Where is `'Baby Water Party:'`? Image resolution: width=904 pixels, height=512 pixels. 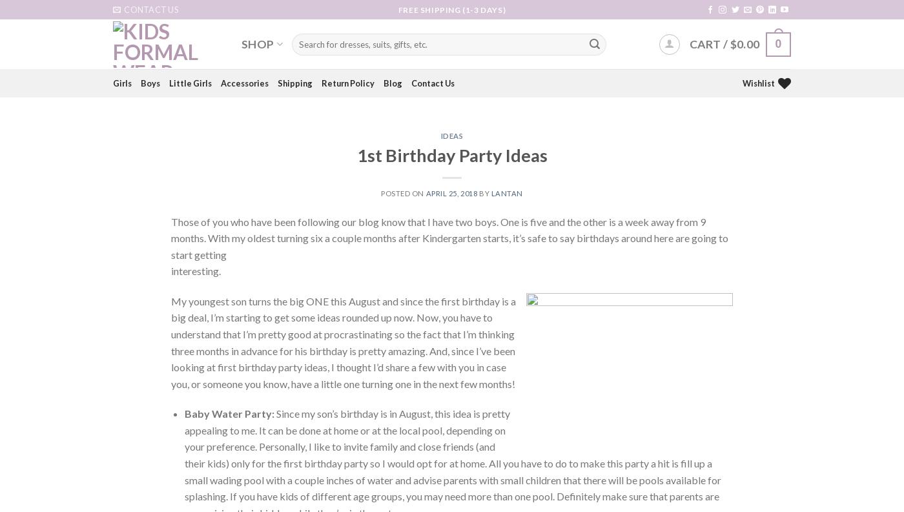
'Baby Water Party:' is located at coordinates (184, 413).